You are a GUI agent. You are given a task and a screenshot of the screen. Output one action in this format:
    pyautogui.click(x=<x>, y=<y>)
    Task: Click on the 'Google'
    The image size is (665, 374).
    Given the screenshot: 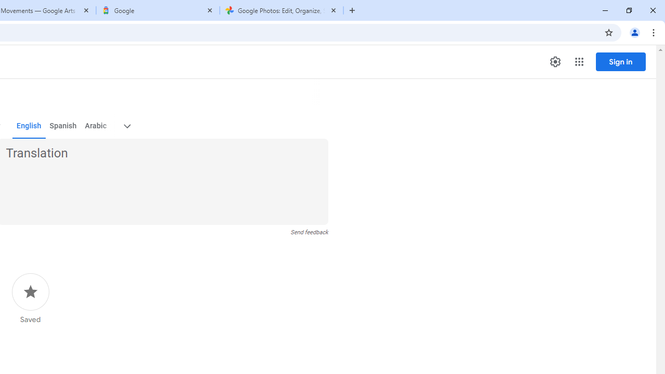 What is the action you would take?
    pyautogui.click(x=157, y=10)
    